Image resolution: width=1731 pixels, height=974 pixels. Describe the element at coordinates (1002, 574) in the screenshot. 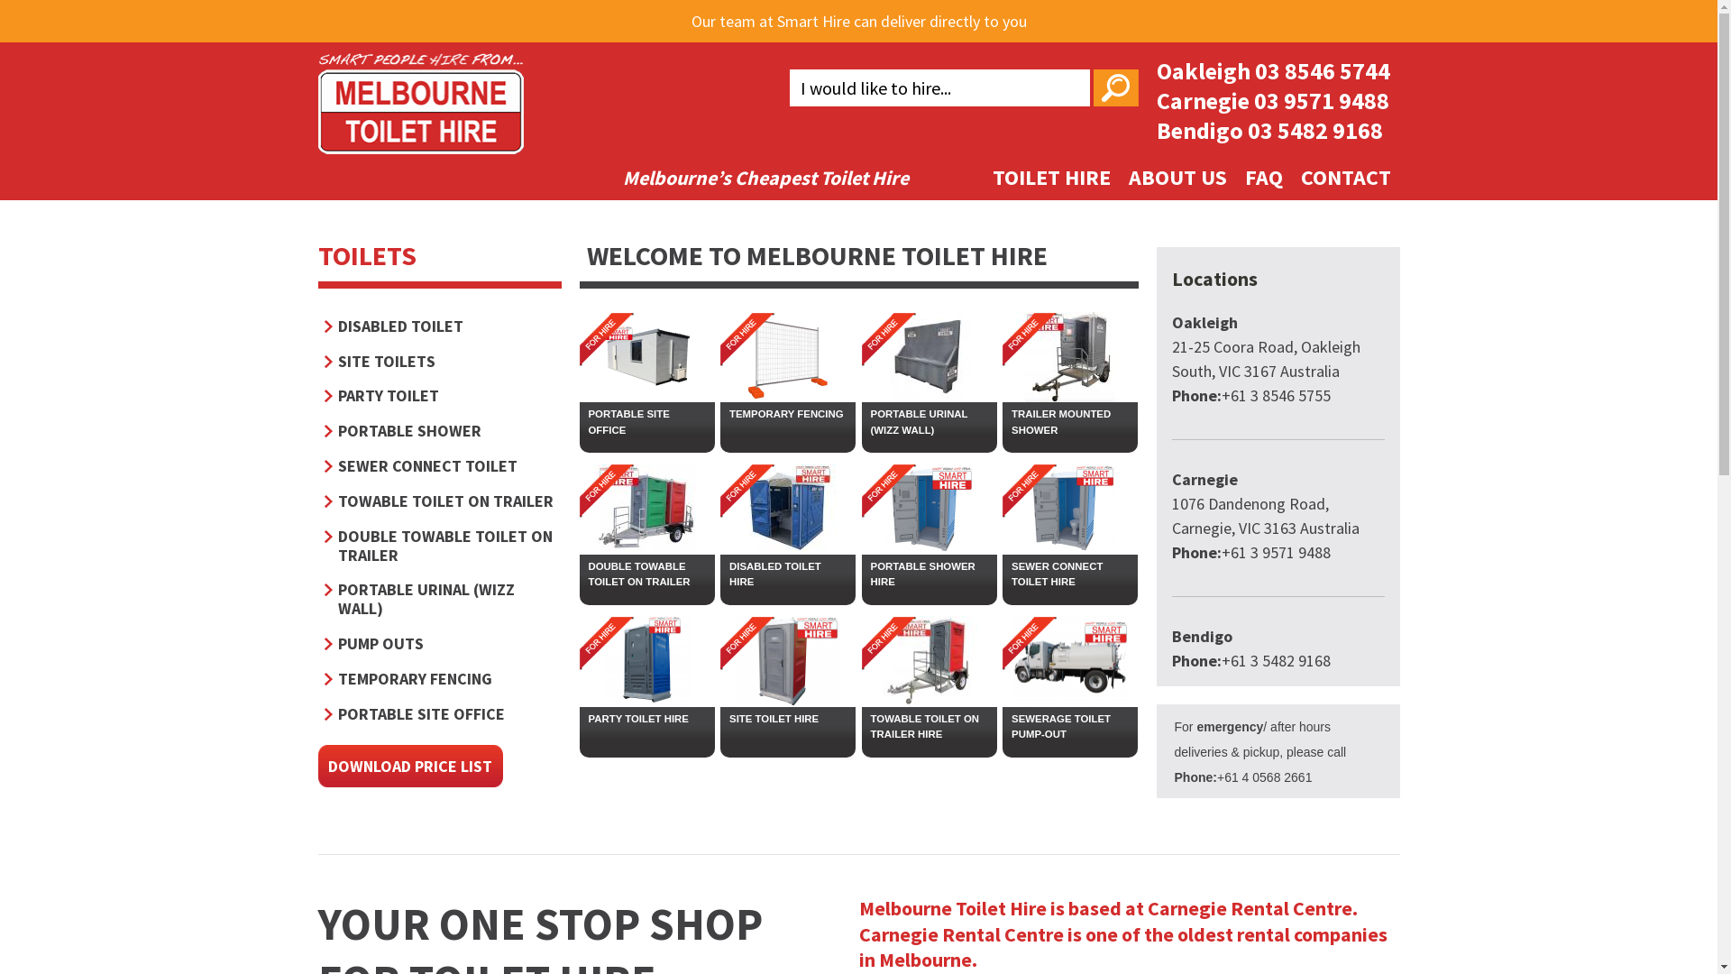

I see `'SEWER CONNECT TOILET HIRE'` at that location.